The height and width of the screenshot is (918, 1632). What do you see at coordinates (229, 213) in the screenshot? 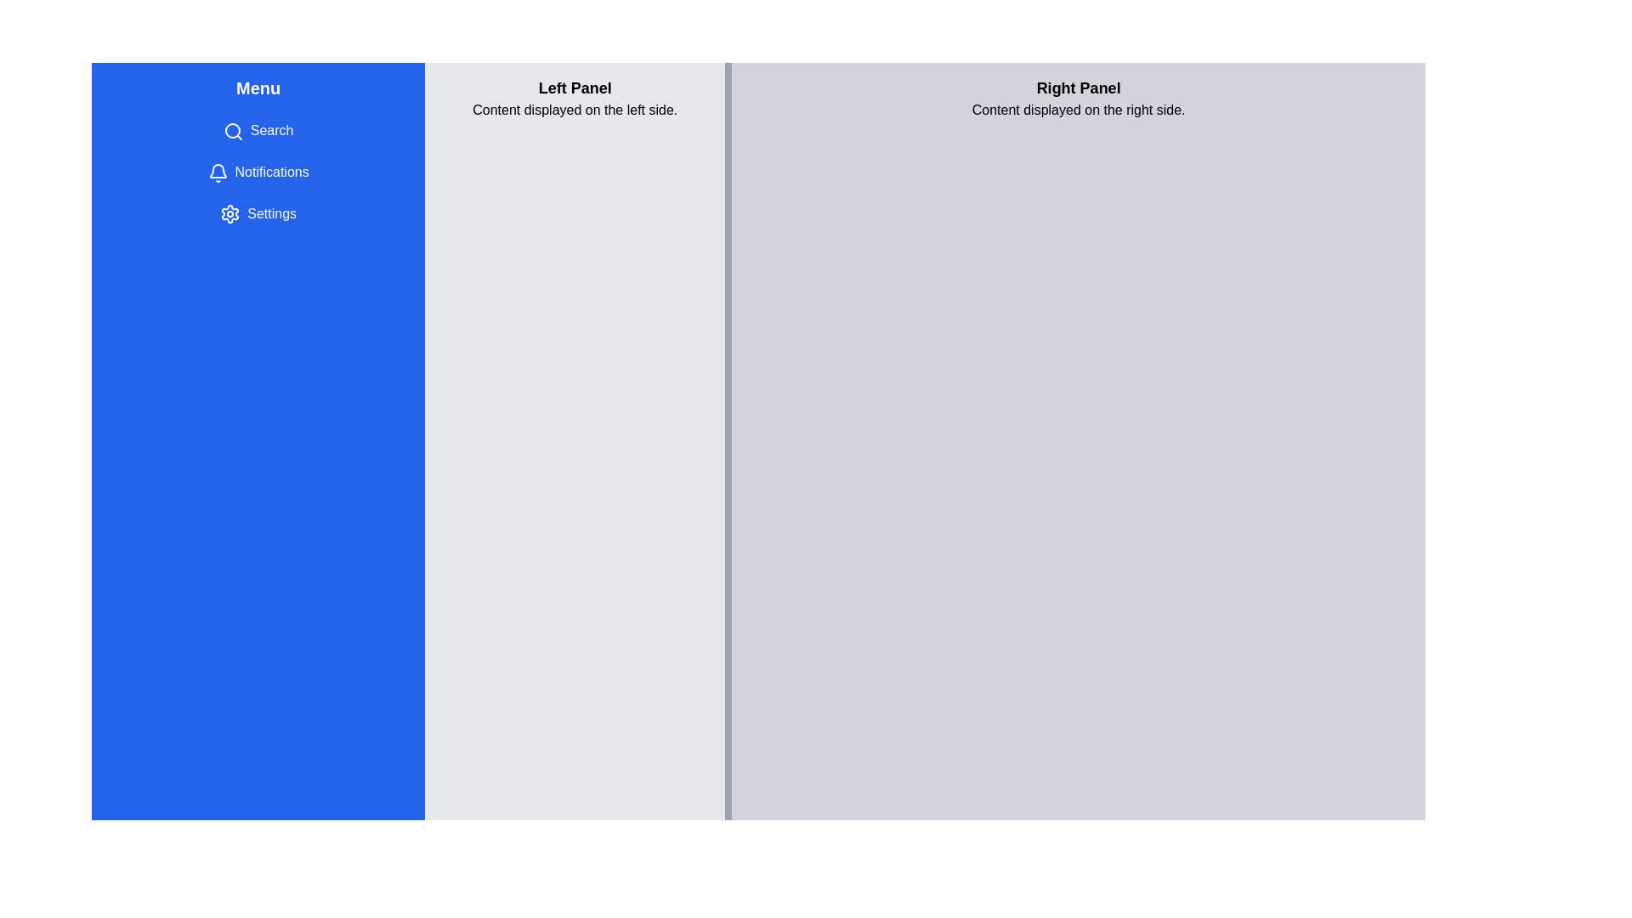
I see `the gear icon in the bottom section of the left sidebar next to the 'Settings' label` at bounding box center [229, 213].